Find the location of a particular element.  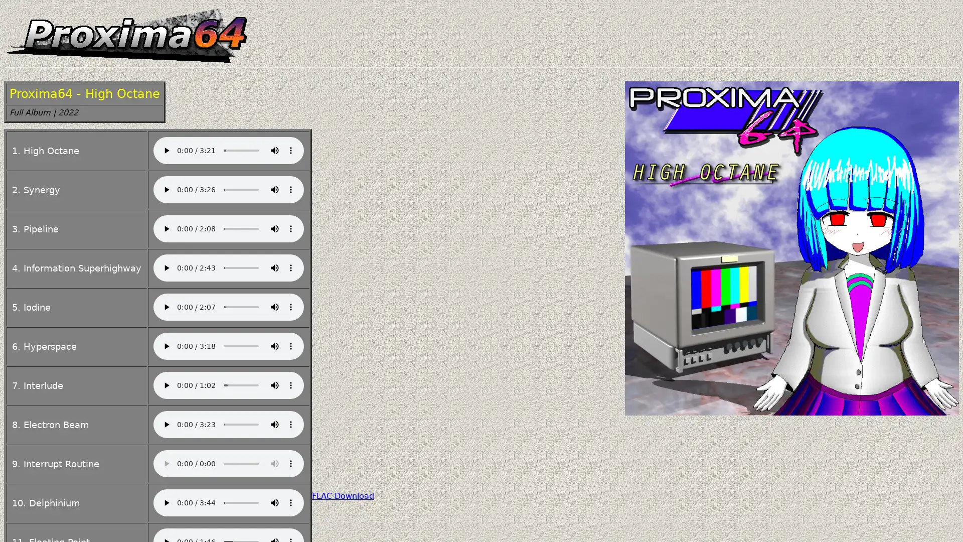

play is located at coordinates (166, 267).